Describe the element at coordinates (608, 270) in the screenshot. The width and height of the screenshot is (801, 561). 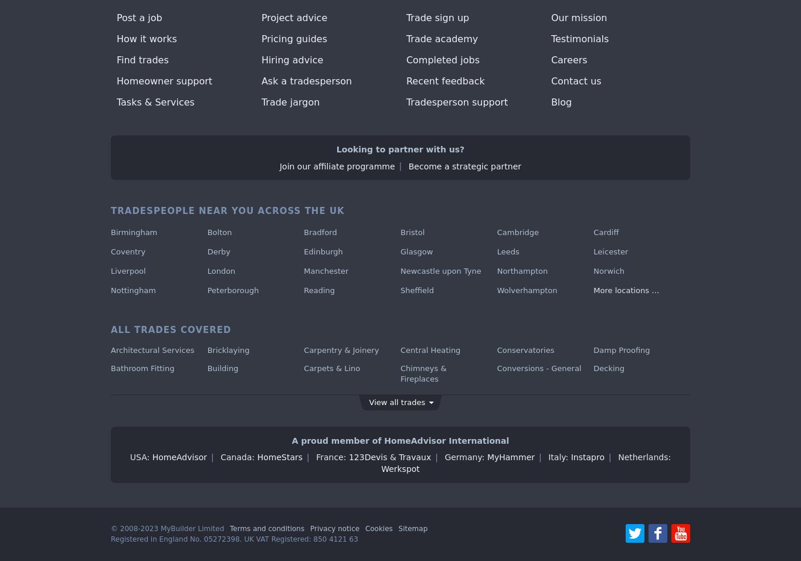
I see `'Norwich'` at that location.